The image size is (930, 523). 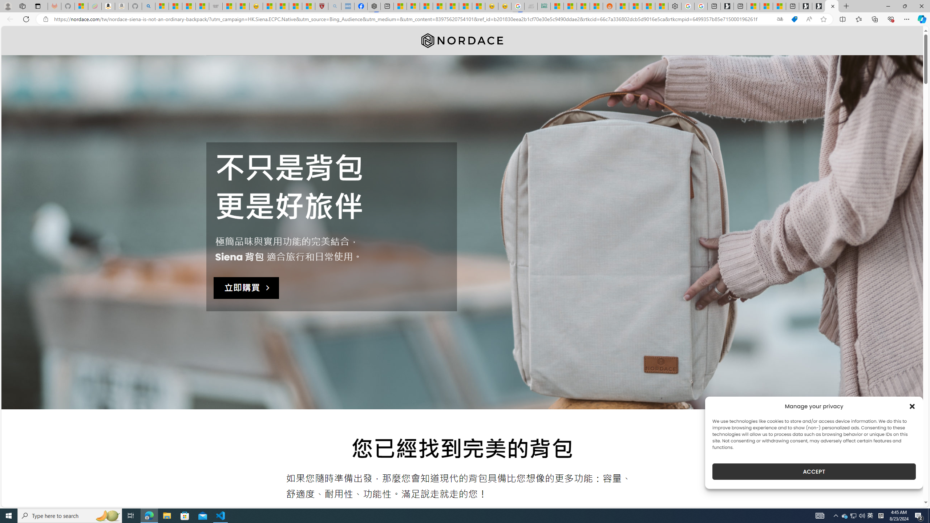 What do you see at coordinates (452, 6) in the screenshot?
I see `'Fitness - MSN'` at bounding box center [452, 6].